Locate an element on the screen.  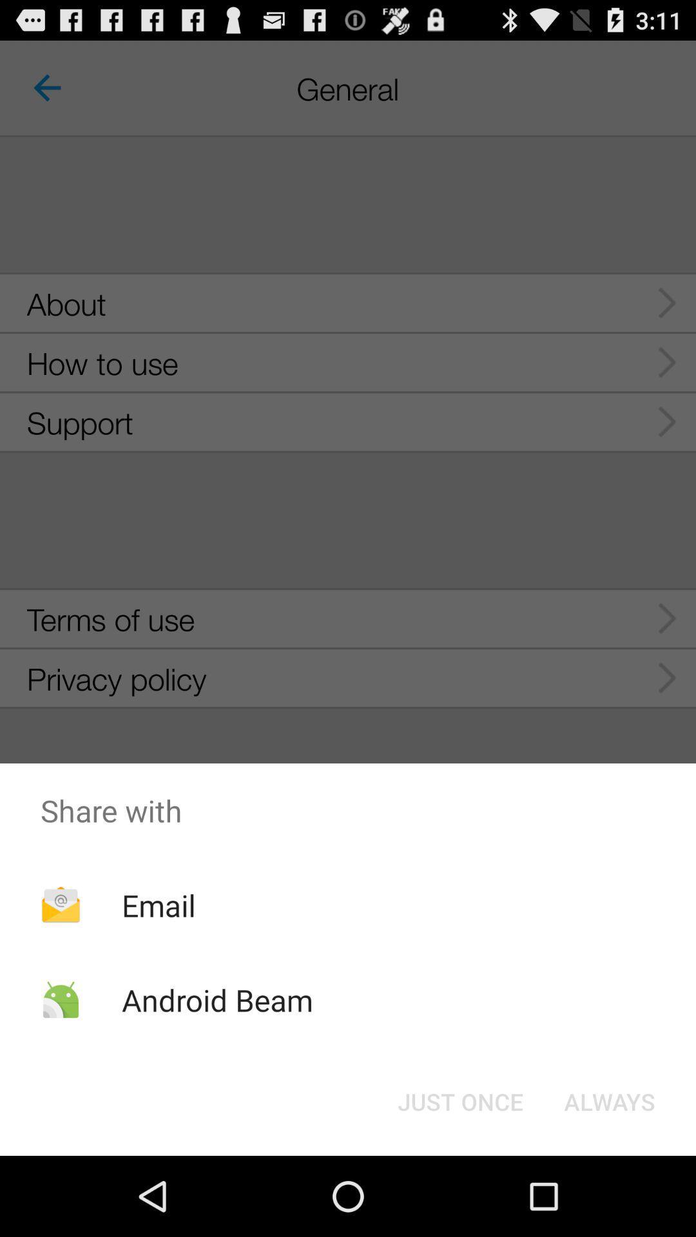
item below the email is located at coordinates (217, 999).